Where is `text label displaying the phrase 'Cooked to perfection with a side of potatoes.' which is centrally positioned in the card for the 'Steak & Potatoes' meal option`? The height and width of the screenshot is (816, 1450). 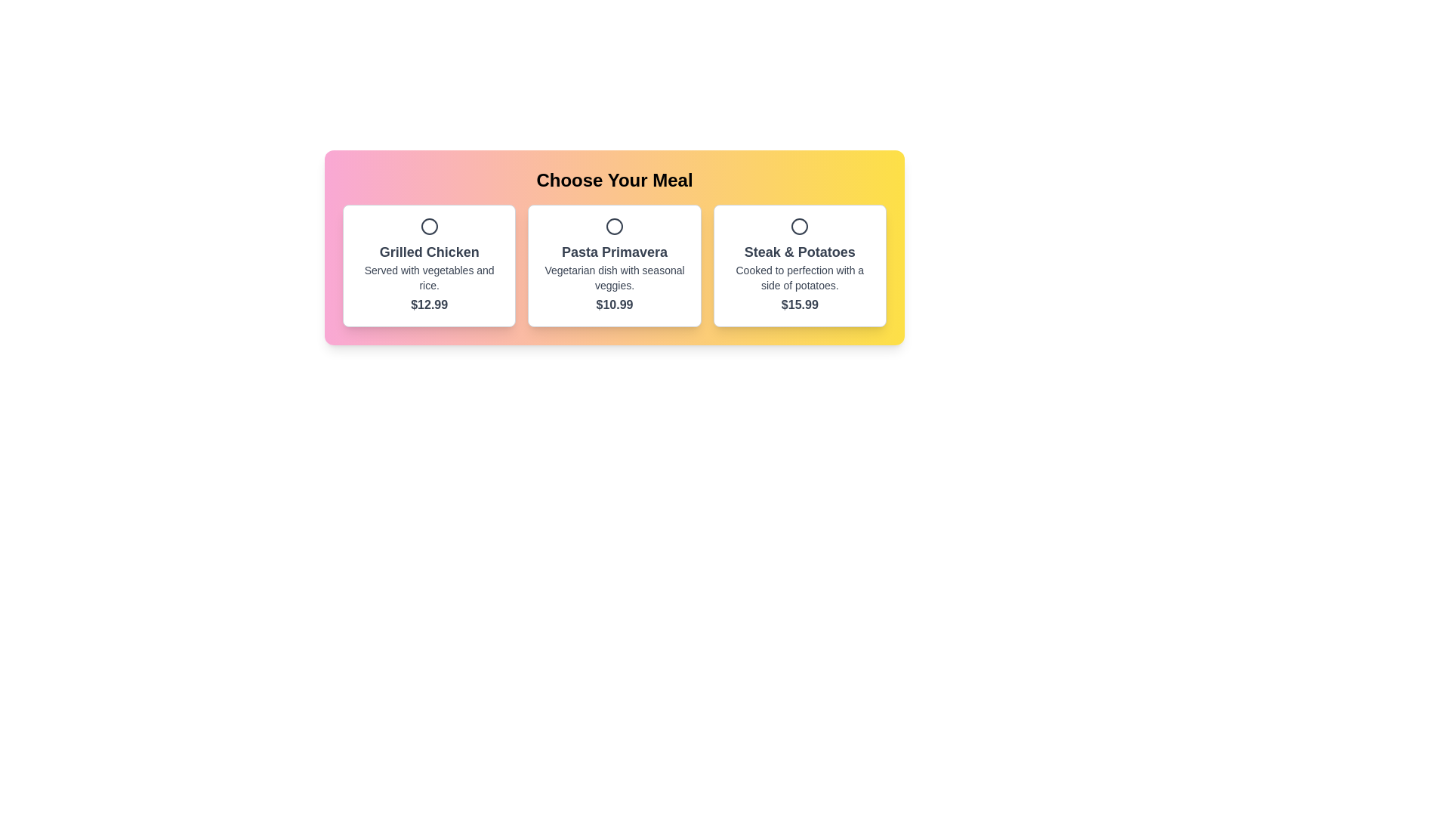
text label displaying the phrase 'Cooked to perfection with a side of potatoes.' which is centrally positioned in the card for the 'Steak & Potatoes' meal option is located at coordinates (799, 277).